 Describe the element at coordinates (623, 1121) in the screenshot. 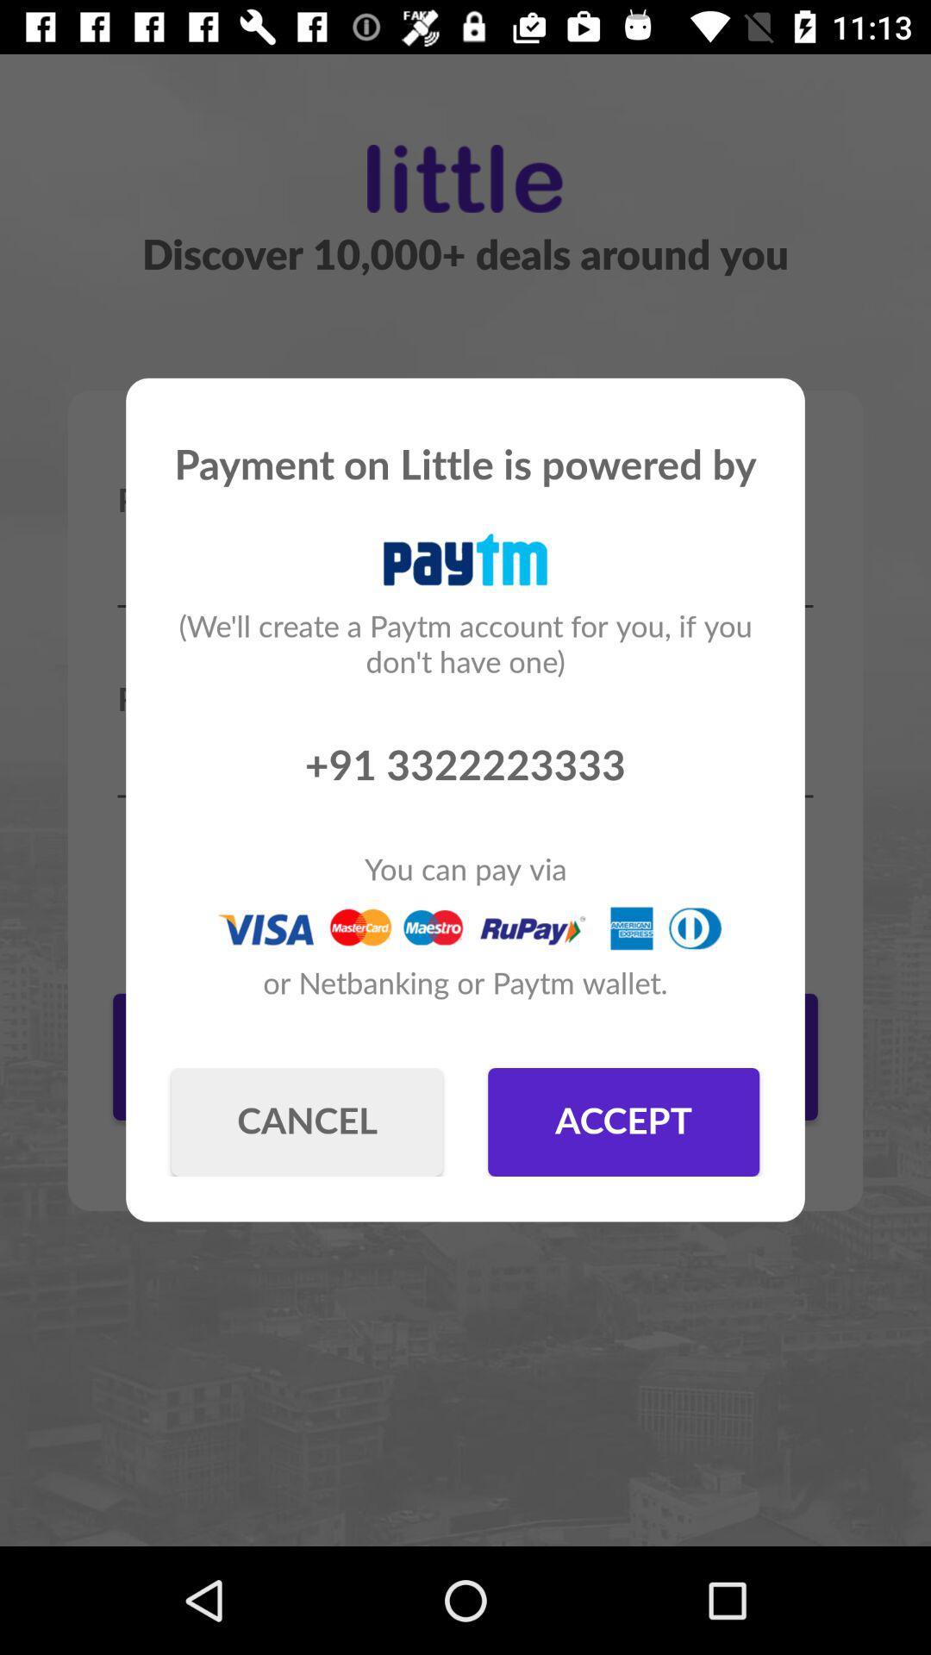

I see `item next to the cancel button` at that location.